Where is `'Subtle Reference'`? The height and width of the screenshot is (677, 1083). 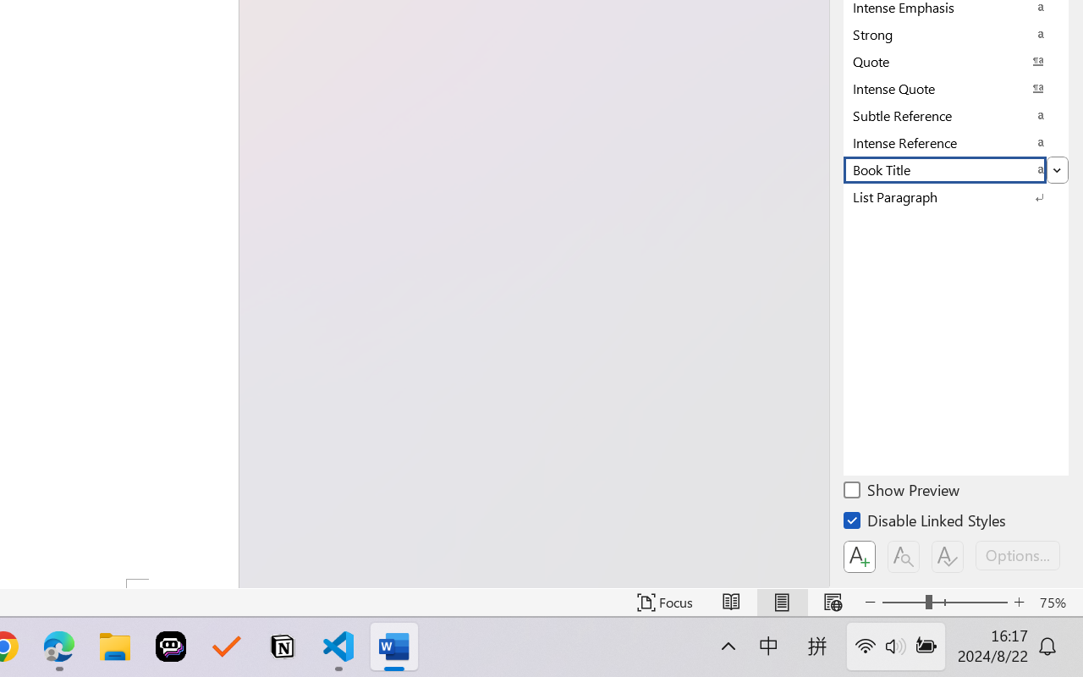 'Subtle Reference' is located at coordinates (956, 115).